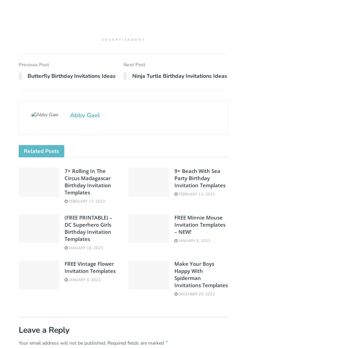  Describe the element at coordinates (88, 181) in the screenshot. I see `'7+ Rolling In The Circus Madagascar Birthday Invitation Templates'` at that location.